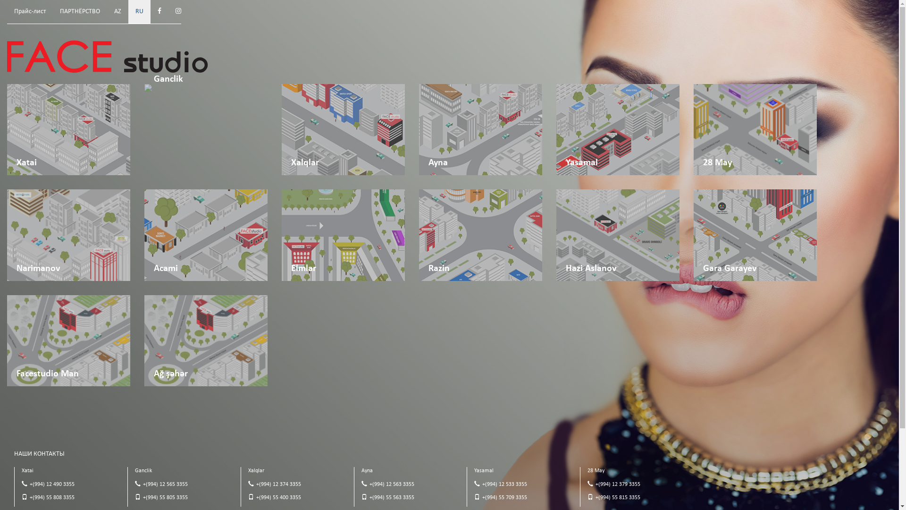  What do you see at coordinates (205, 87) in the screenshot?
I see `'Ganclik'` at bounding box center [205, 87].